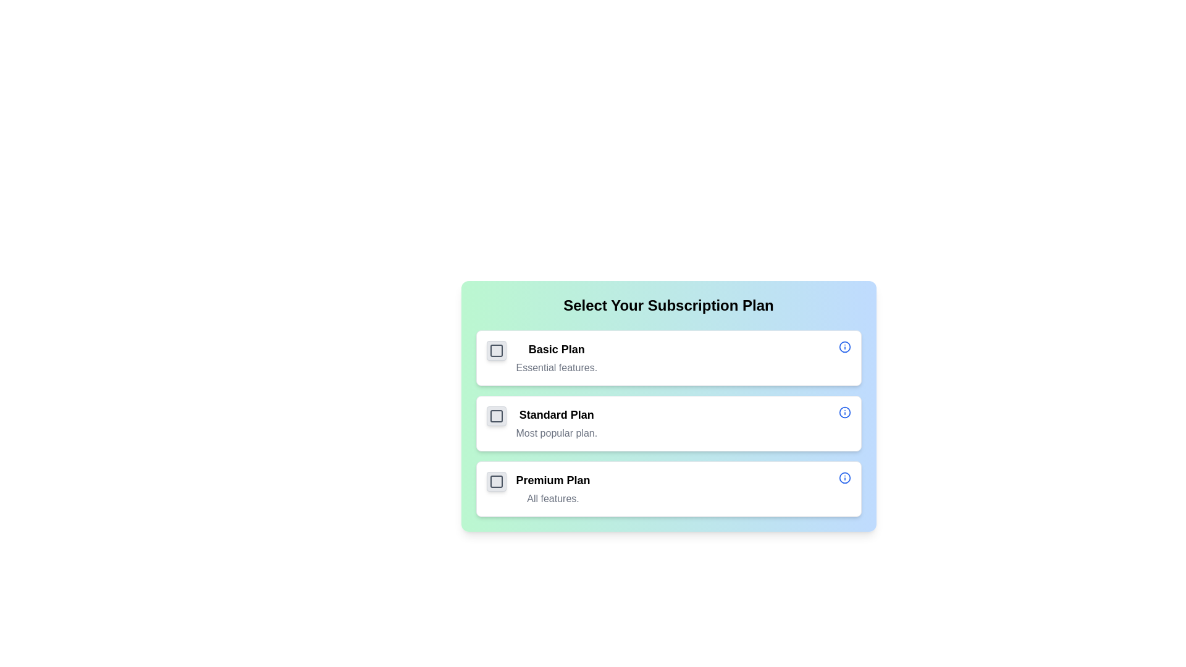 Image resolution: width=1186 pixels, height=667 pixels. I want to click on the checkbox for the 'Basic Plan' subscription option, which is the first item in the vertical list of subscription plans, so click(668, 358).